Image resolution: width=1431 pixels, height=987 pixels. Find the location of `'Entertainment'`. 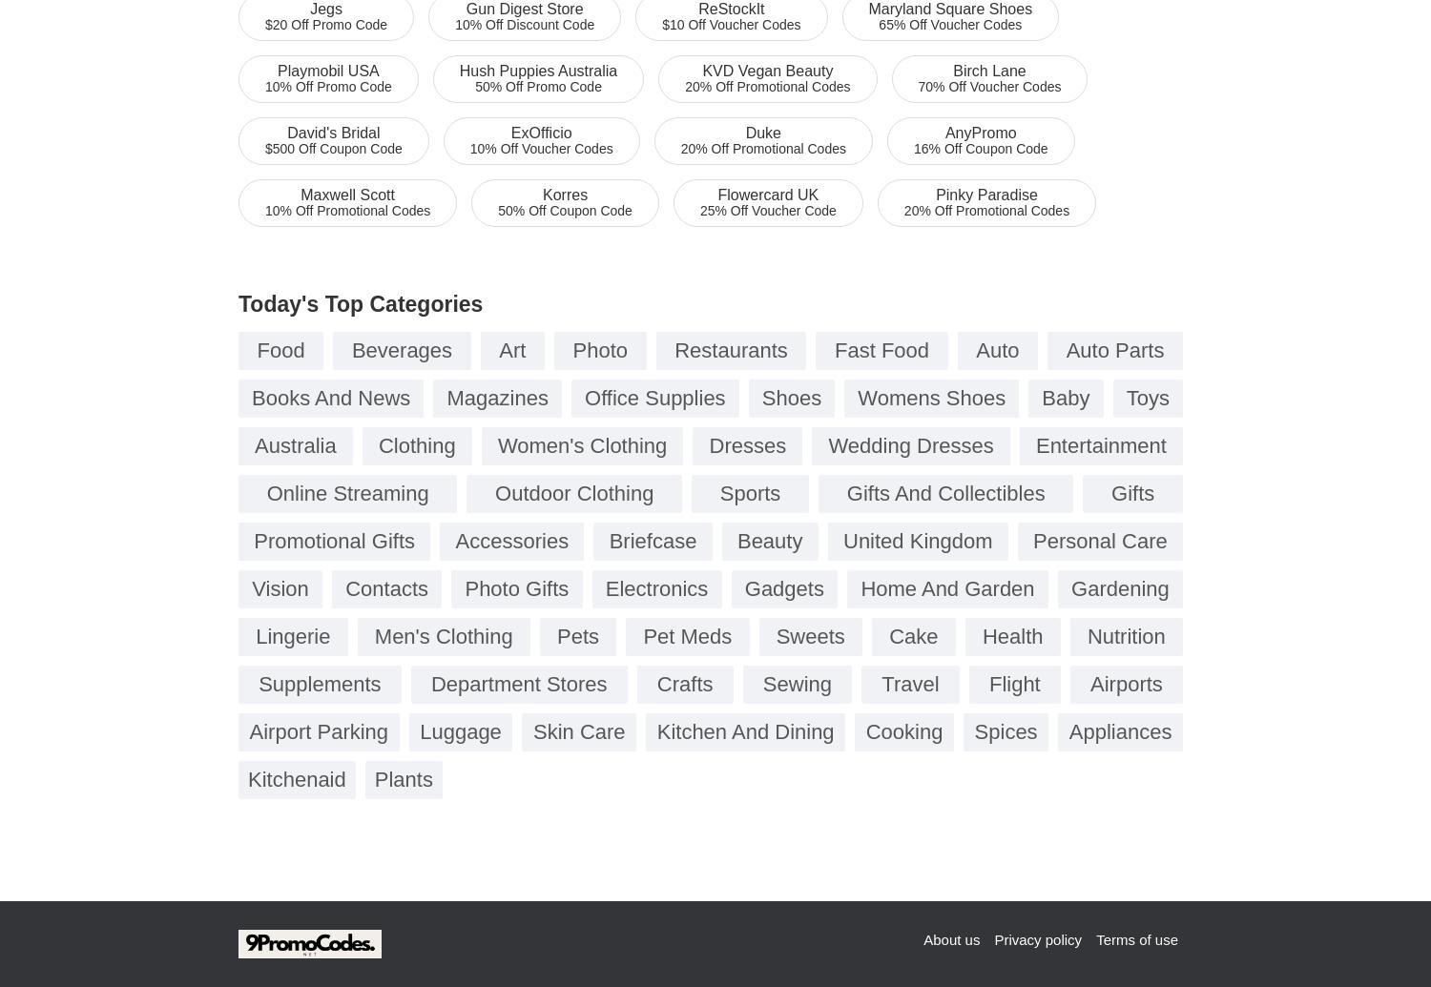

'Entertainment' is located at coordinates (1100, 445).